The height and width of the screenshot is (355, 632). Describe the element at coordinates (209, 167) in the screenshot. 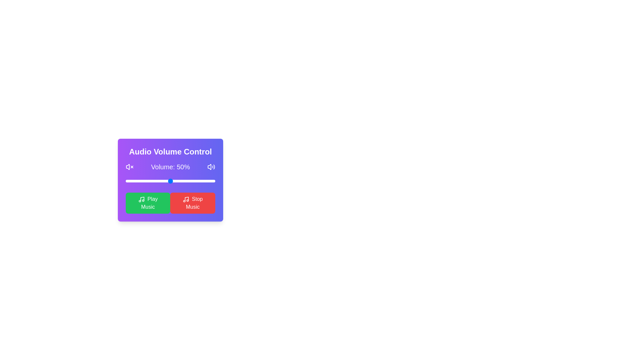

I see `the blue speaker icon located in the 'Audio Volume Control' interface` at that location.